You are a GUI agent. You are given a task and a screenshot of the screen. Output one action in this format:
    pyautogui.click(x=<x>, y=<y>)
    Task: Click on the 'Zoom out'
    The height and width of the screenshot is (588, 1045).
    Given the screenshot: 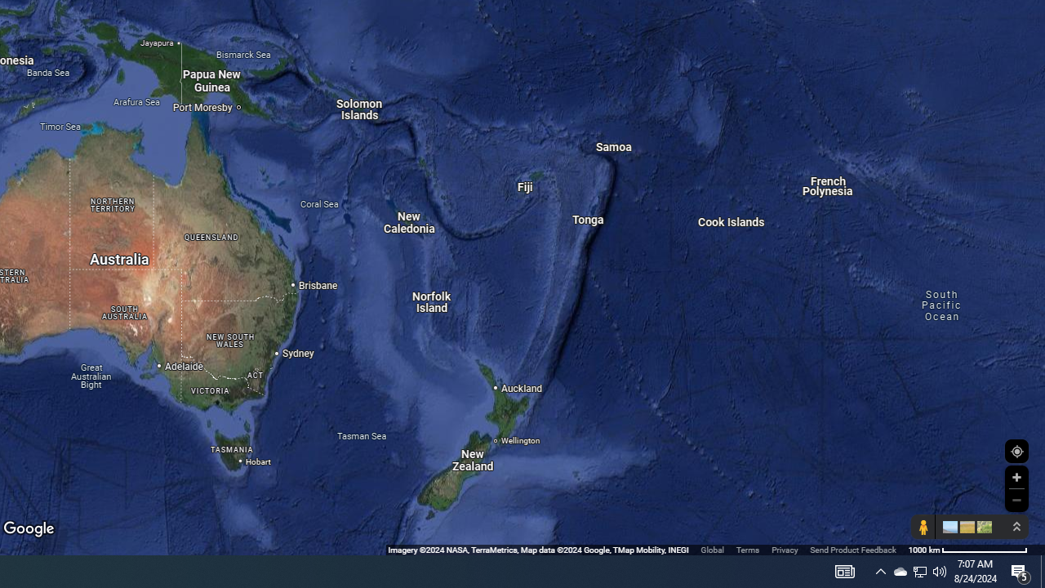 What is the action you would take?
    pyautogui.click(x=1016, y=499)
    